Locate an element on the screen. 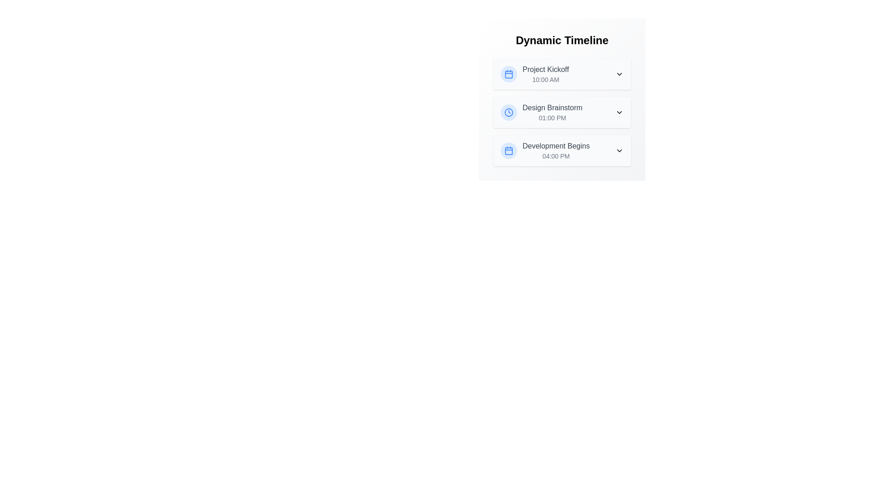 The width and height of the screenshot is (874, 492). heading text element located at the top of the timeline interface, which provides context for the content below is located at coordinates (561, 40).